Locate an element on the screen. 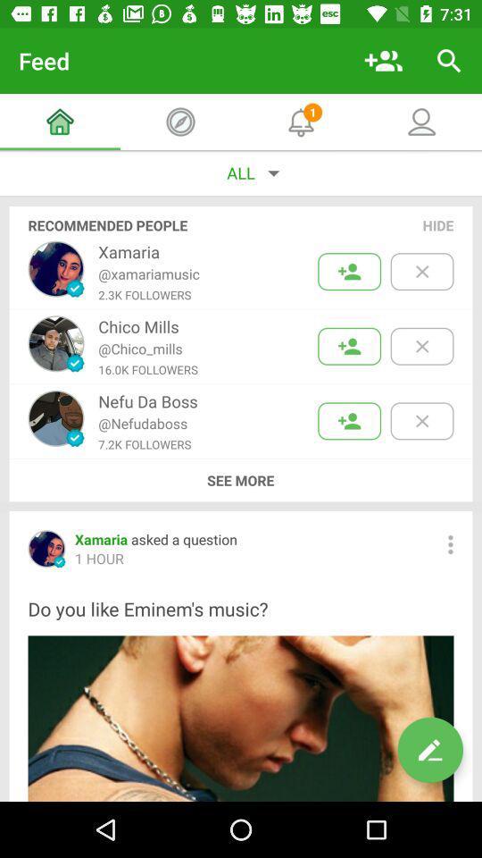 This screenshot has width=482, height=858. to hide follower is located at coordinates (421, 421).